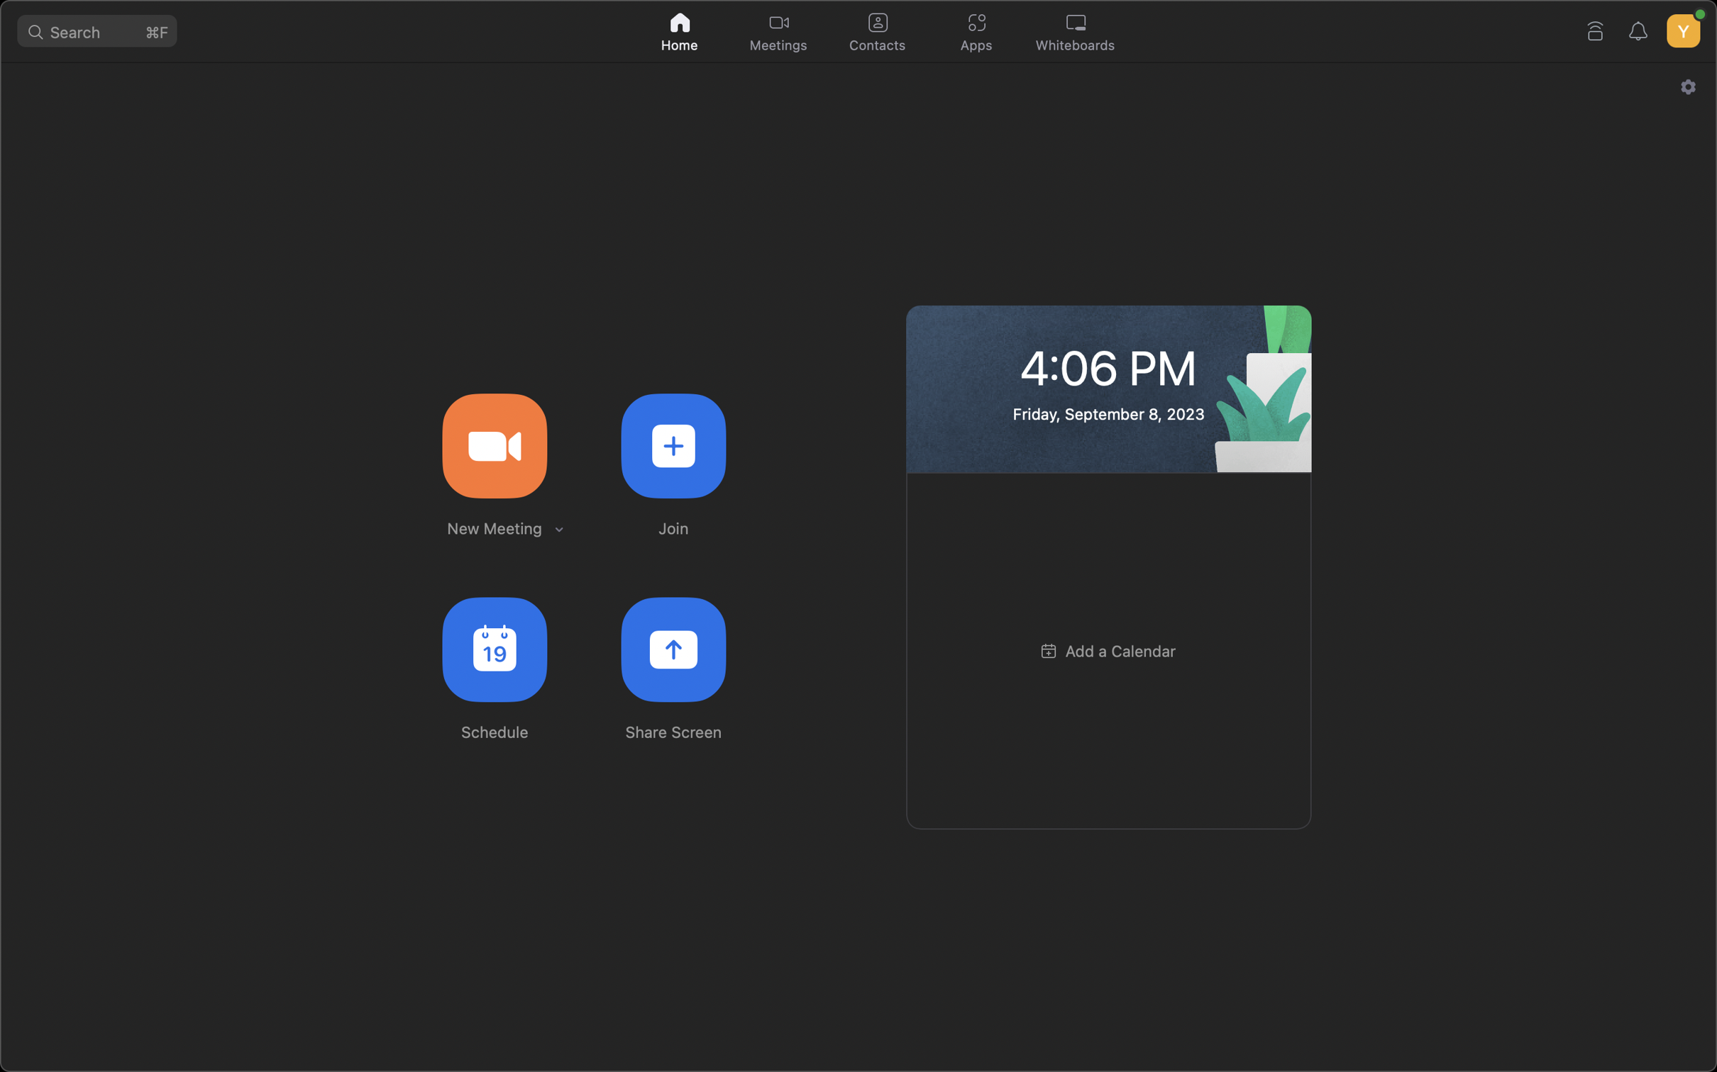 The width and height of the screenshot is (1717, 1072). What do you see at coordinates (1596, 28) in the screenshot?
I see `Establish a connection between your device and a Zoom Room` at bounding box center [1596, 28].